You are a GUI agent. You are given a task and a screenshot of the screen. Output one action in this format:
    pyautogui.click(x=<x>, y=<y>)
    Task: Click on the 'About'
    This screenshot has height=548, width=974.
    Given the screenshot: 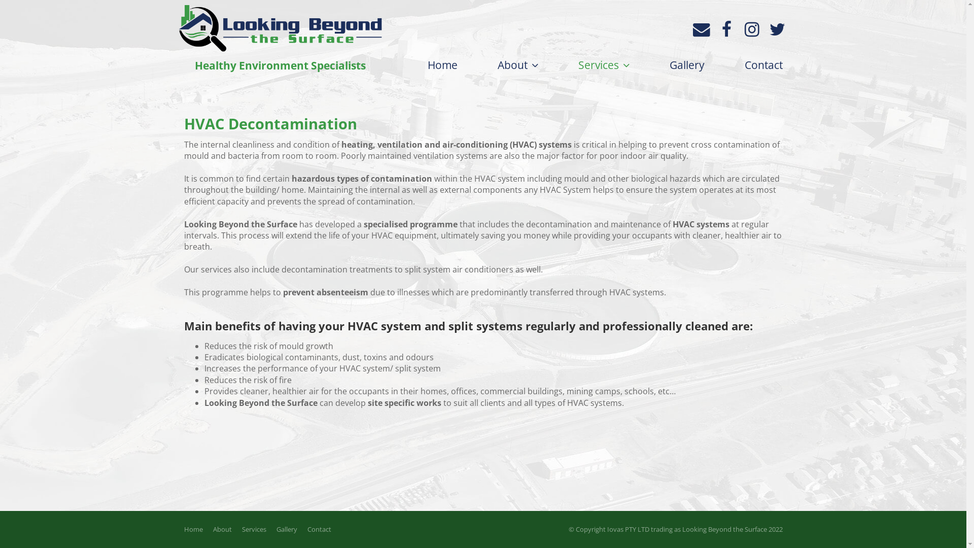 What is the action you would take?
    pyautogui.click(x=222, y=528)
    